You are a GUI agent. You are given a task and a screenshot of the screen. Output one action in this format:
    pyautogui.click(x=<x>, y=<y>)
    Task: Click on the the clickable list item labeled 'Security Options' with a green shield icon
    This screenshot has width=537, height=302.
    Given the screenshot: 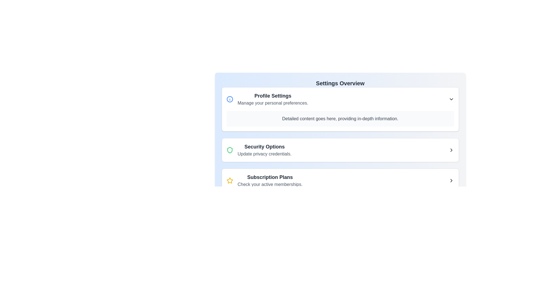 What is the action you would take?
    pyautogui.click(x=259, y=150)
    